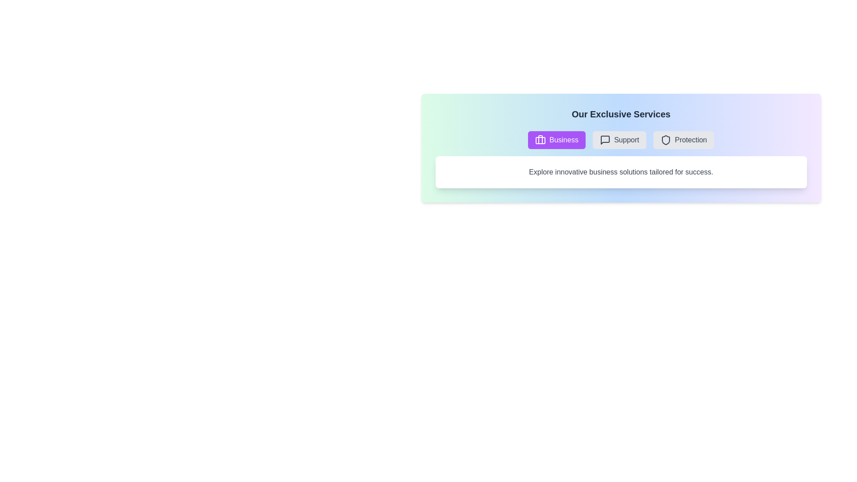 The width and height of the screenshot is (857, 482). I want to click on the Support tab by clicking its button, so click(619, 140).